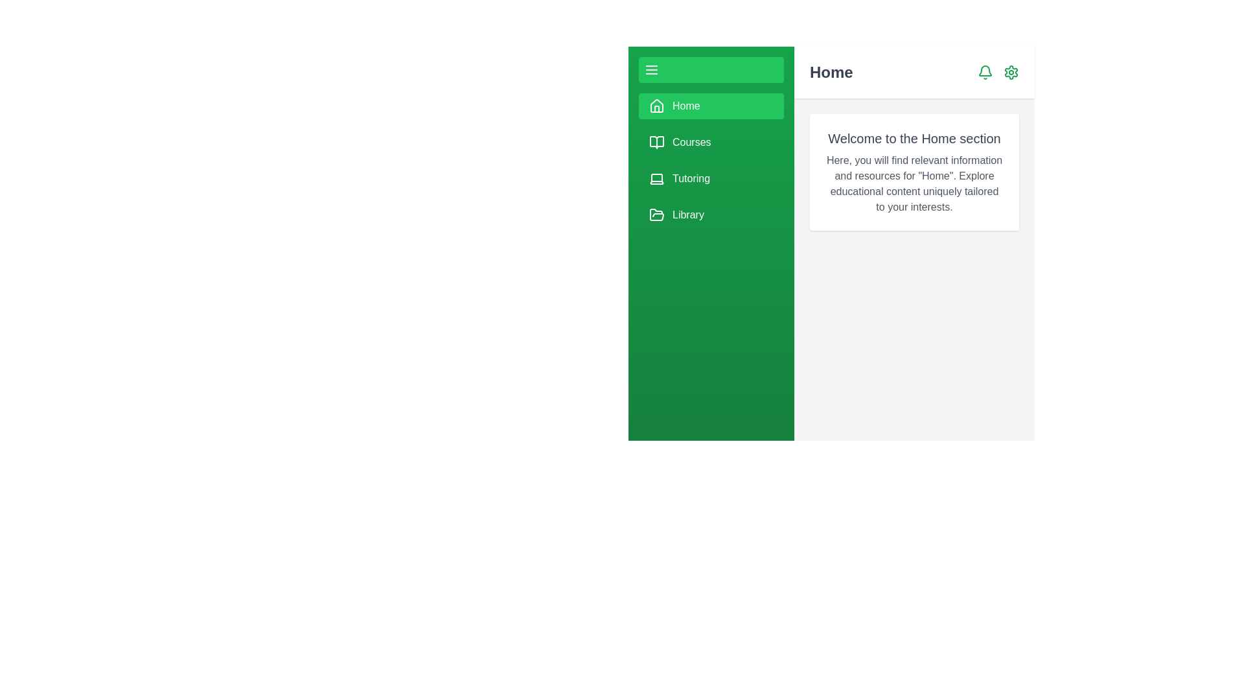 This screenshot has width=1244, height=700. What do you see at coordinates (711, 70) in the screenshot?
I see `the topmost button in the vertical sidebar panel on the left side of the interface` at bounding box center [711, 70].